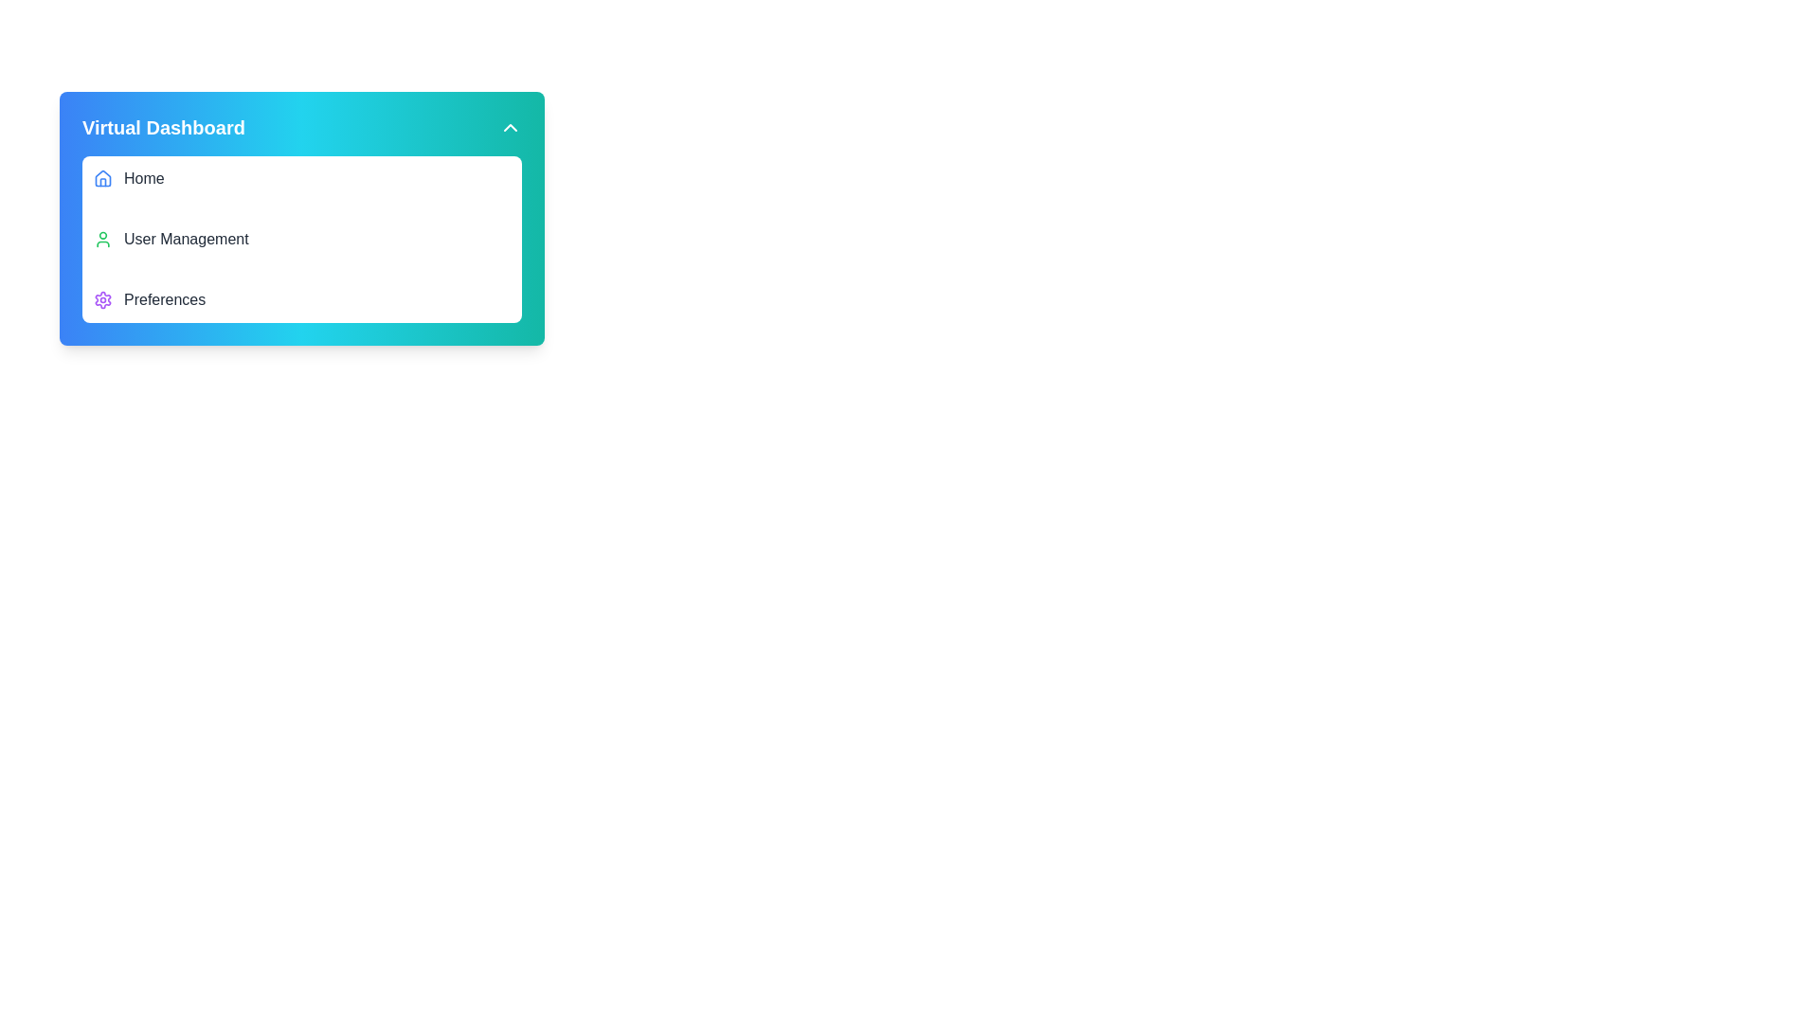  I want to click on Text Label located immediately to the right of the house-shaped icon in the Virtual Dashboard menu, so click(143, 179).